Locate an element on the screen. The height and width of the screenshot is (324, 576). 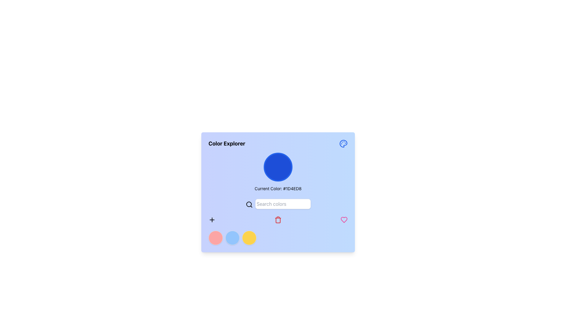
the text input field located directly below the 'Current Color: #1D4ED8' text to focus on it is located at coordinates (277, 203).